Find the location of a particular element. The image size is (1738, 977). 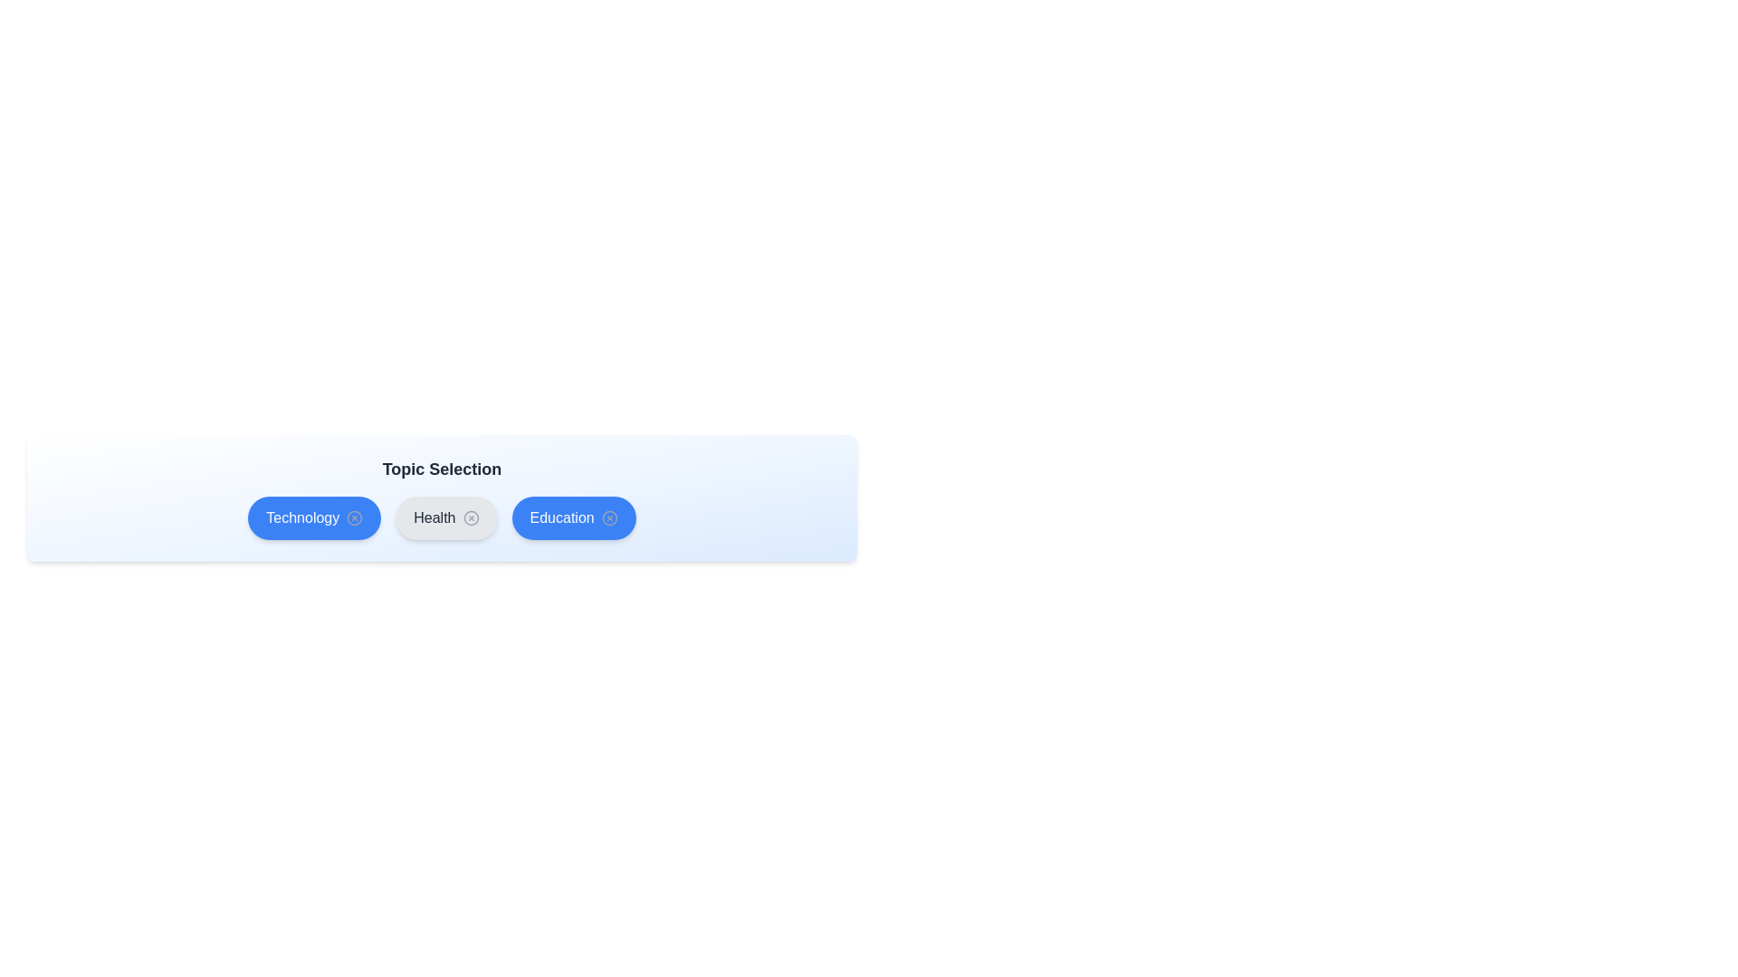

the topic Technology by clicking on it is located at coordinates (314, 518).